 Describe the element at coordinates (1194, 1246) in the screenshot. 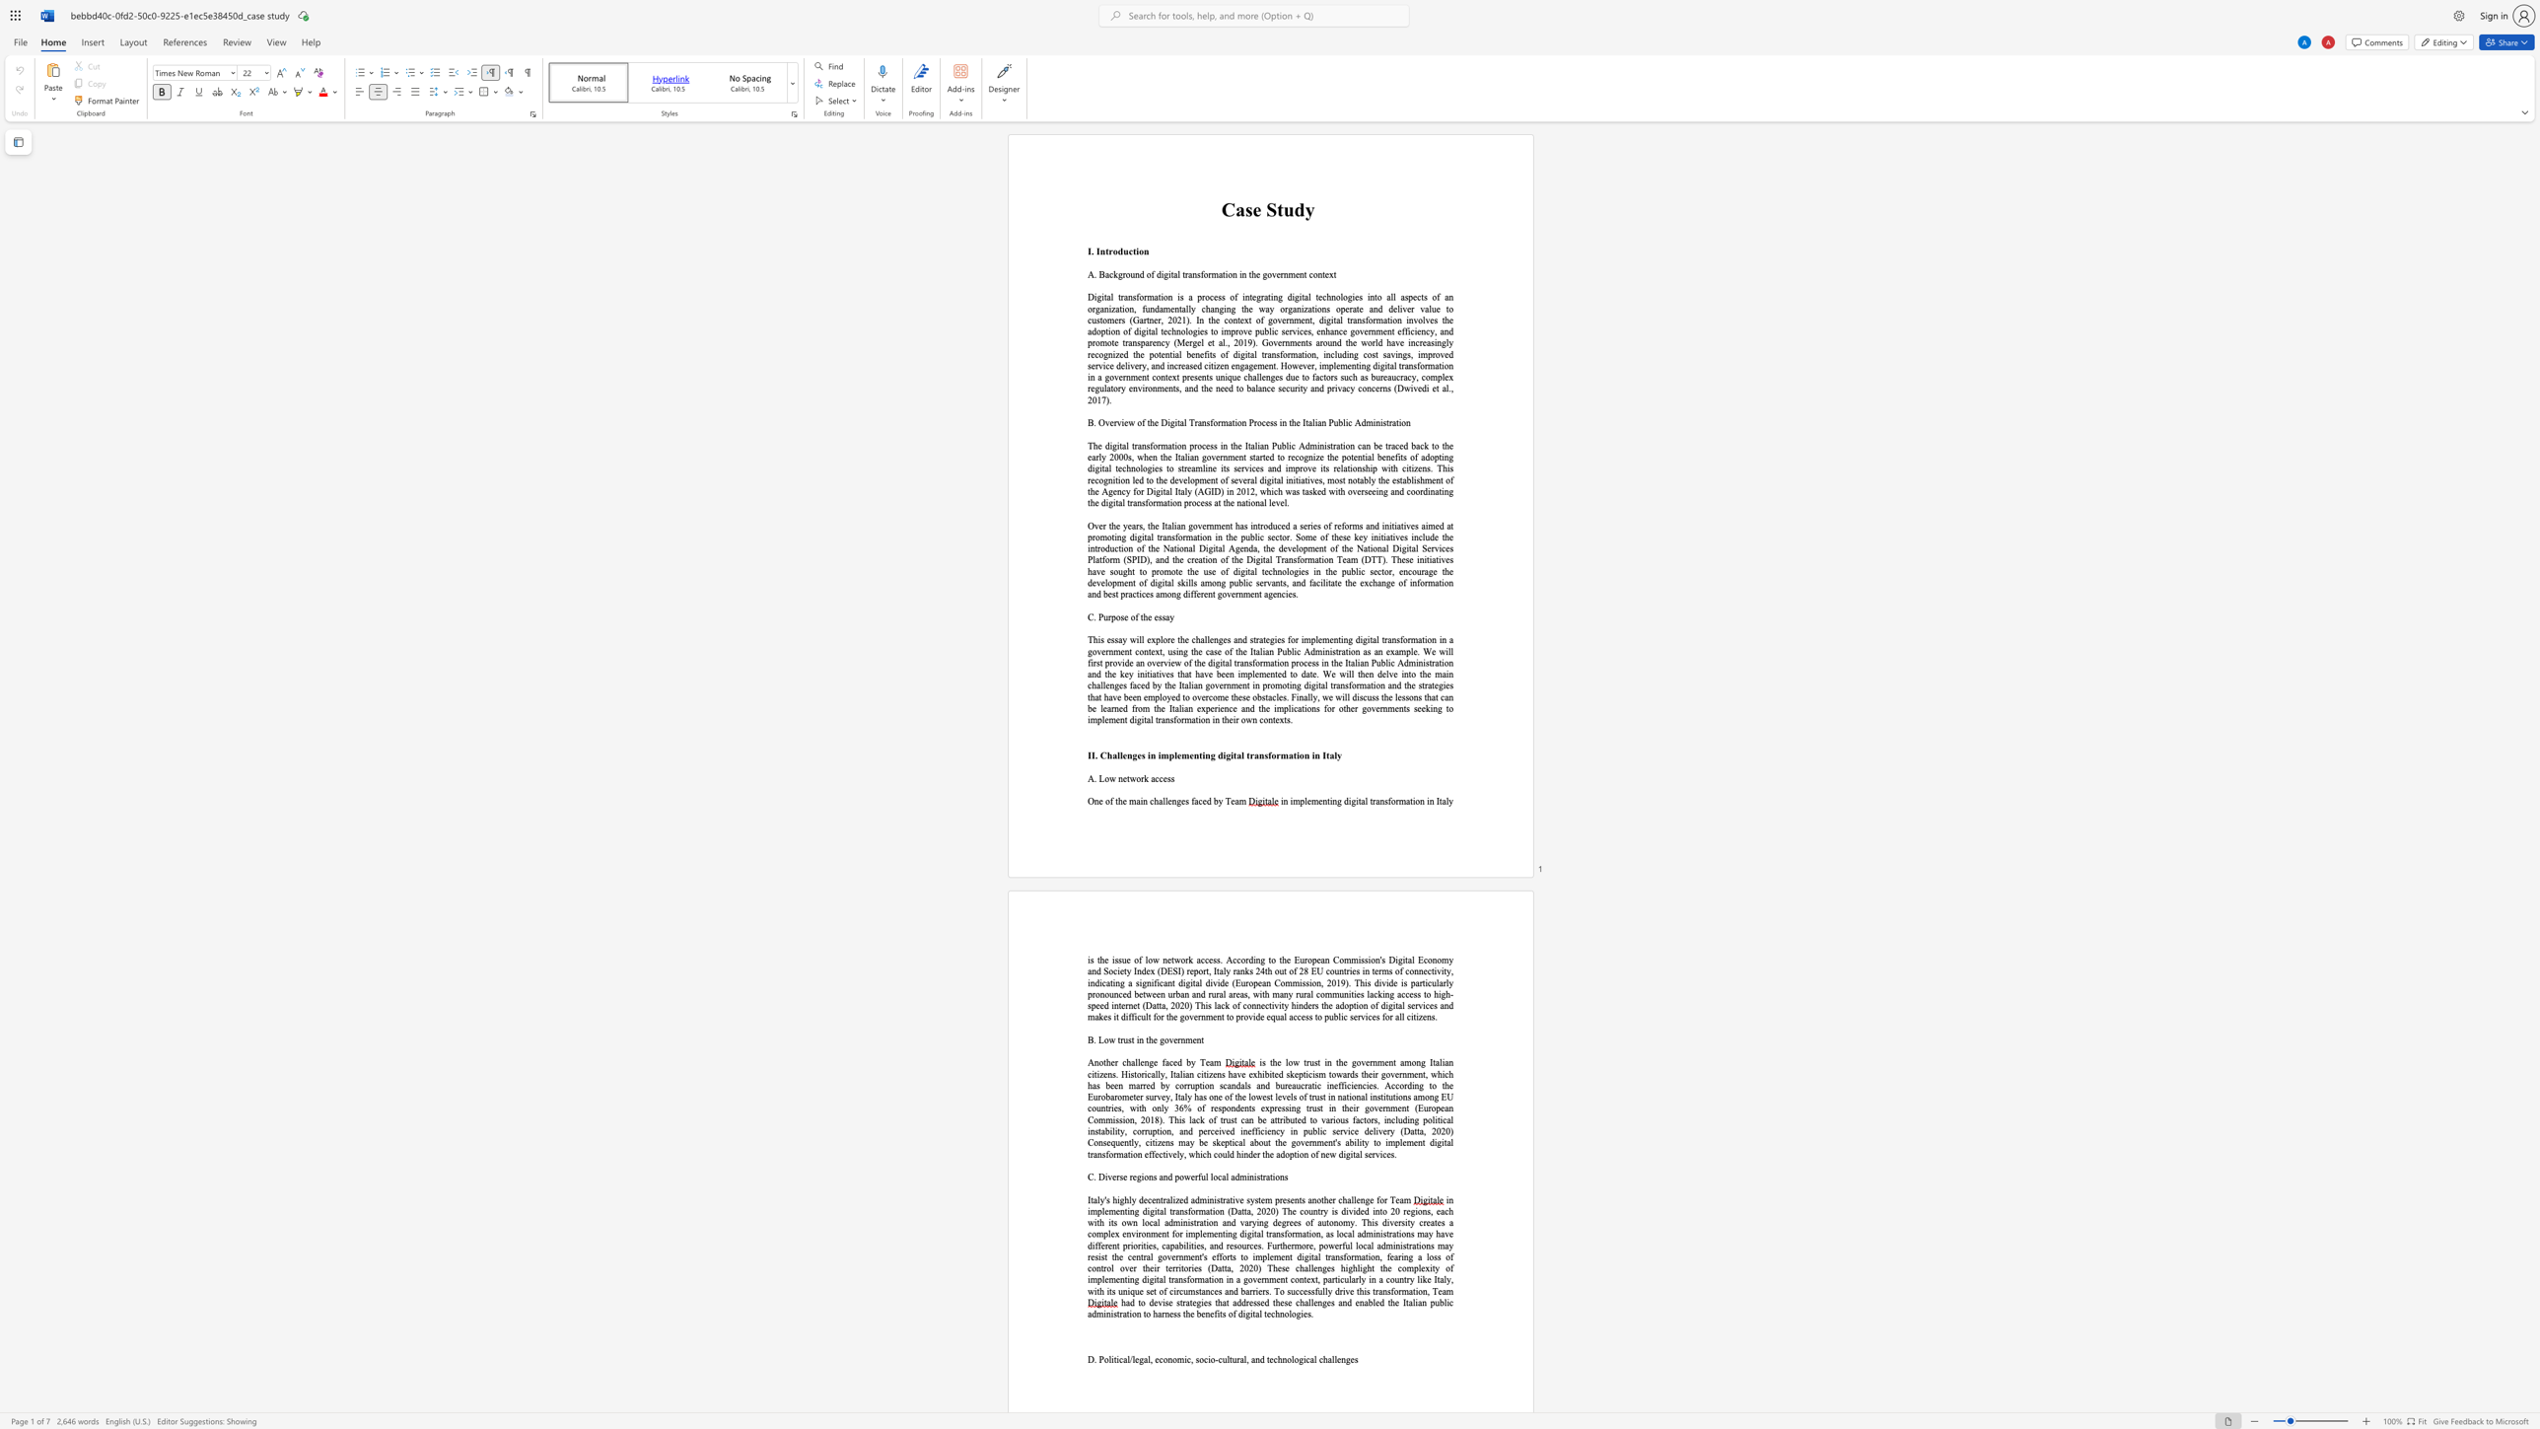

I see `the subset text "ies, and resources. Furthermore, powerful" within the text "in implementing digital transformation (Datta, 2020) The country is divided into 20 regions, each with its own local administration and varying degrees of autonomy. This diversity creates a complex environment for implementing digital transformation, as local administrations may have different priorities, capabilities, and resources. Furthermore, powerful local administrations may resist the central government"` at that location.